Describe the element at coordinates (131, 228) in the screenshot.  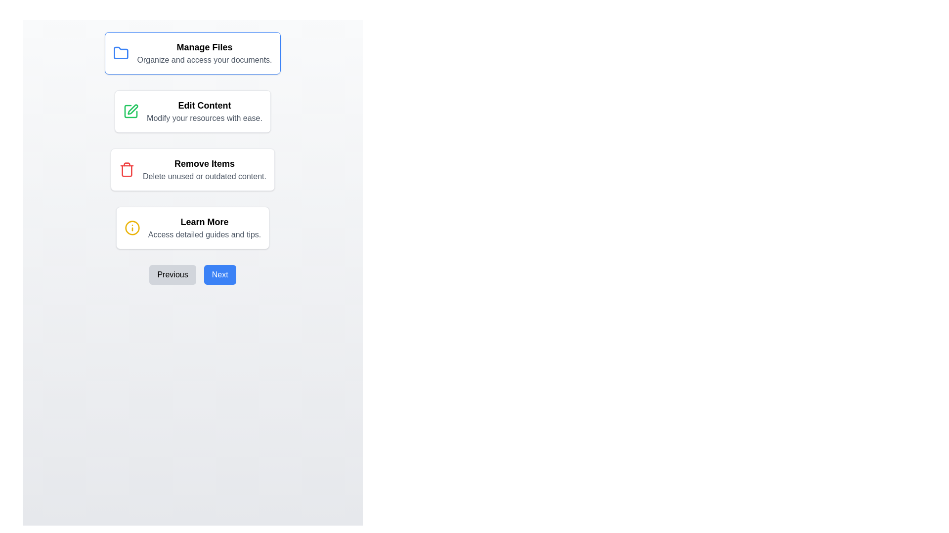
I see `the circular SVG graphic representing the 'Learn More' section icon located at the bottom right of the interface` at that location.